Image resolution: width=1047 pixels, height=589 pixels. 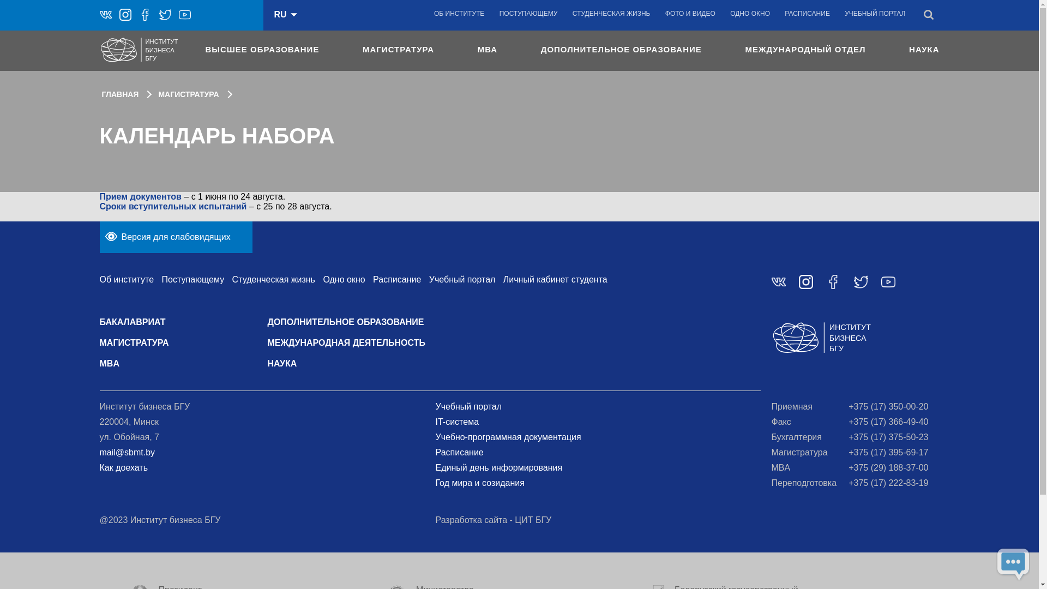 What do you see at coordinates (127, 452) in the screenshot?
I see `'mail@sbmt.by'` at bounding box center [127, 452].